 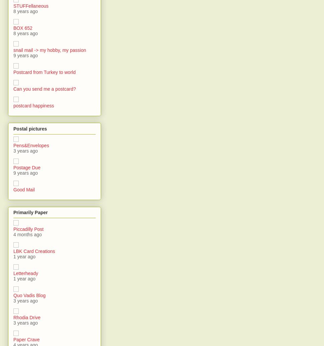 I want to click on '4 months ago', so click(x=27, y=234).